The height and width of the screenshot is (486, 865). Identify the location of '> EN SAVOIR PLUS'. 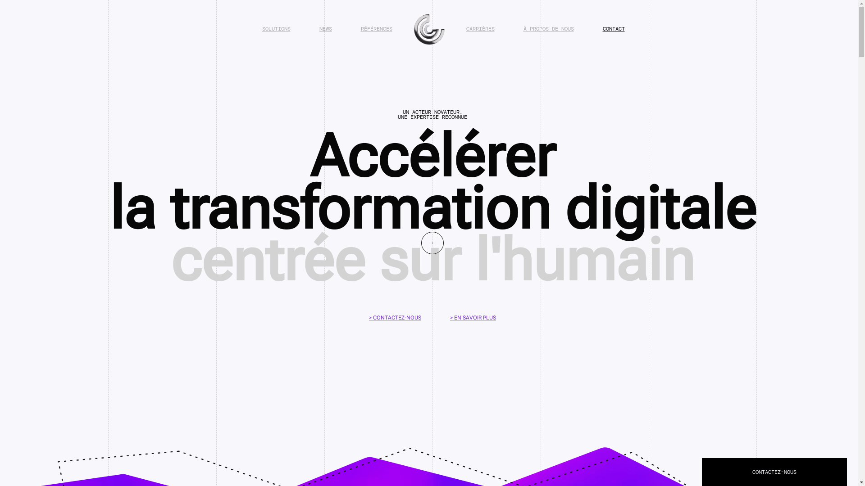
(473, 317).